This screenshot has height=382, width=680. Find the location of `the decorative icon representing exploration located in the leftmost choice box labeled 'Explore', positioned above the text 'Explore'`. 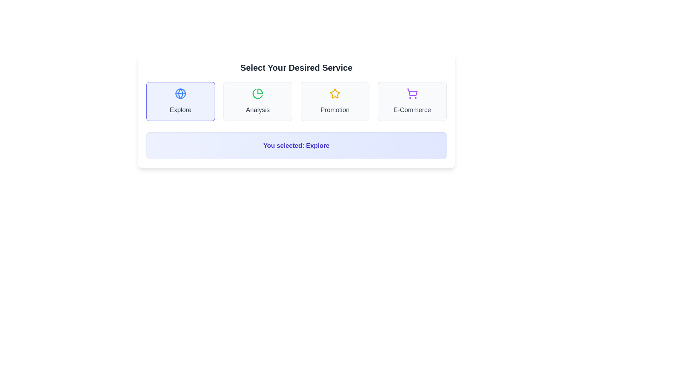

the decorative icon representing exploration located in the leftmost choice box labeled 'Explore', positioned above the text 'Explore' is located at coordinates (180, 93).